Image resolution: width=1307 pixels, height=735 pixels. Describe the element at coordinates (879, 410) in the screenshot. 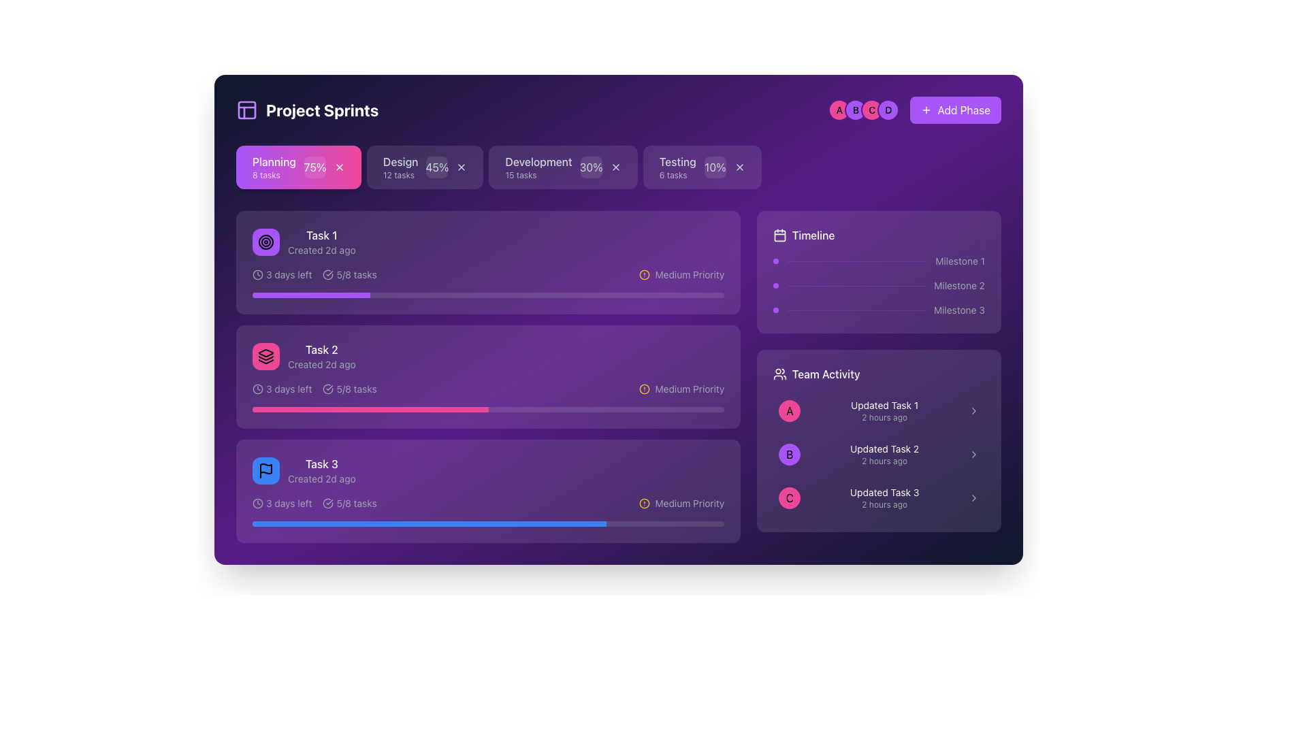

I see `the first list item in the 'Team Activity' feed, which features a circular pink icon with 'A', text 'Updated Task 1', and a right-pointing chevron arrow` at that location.